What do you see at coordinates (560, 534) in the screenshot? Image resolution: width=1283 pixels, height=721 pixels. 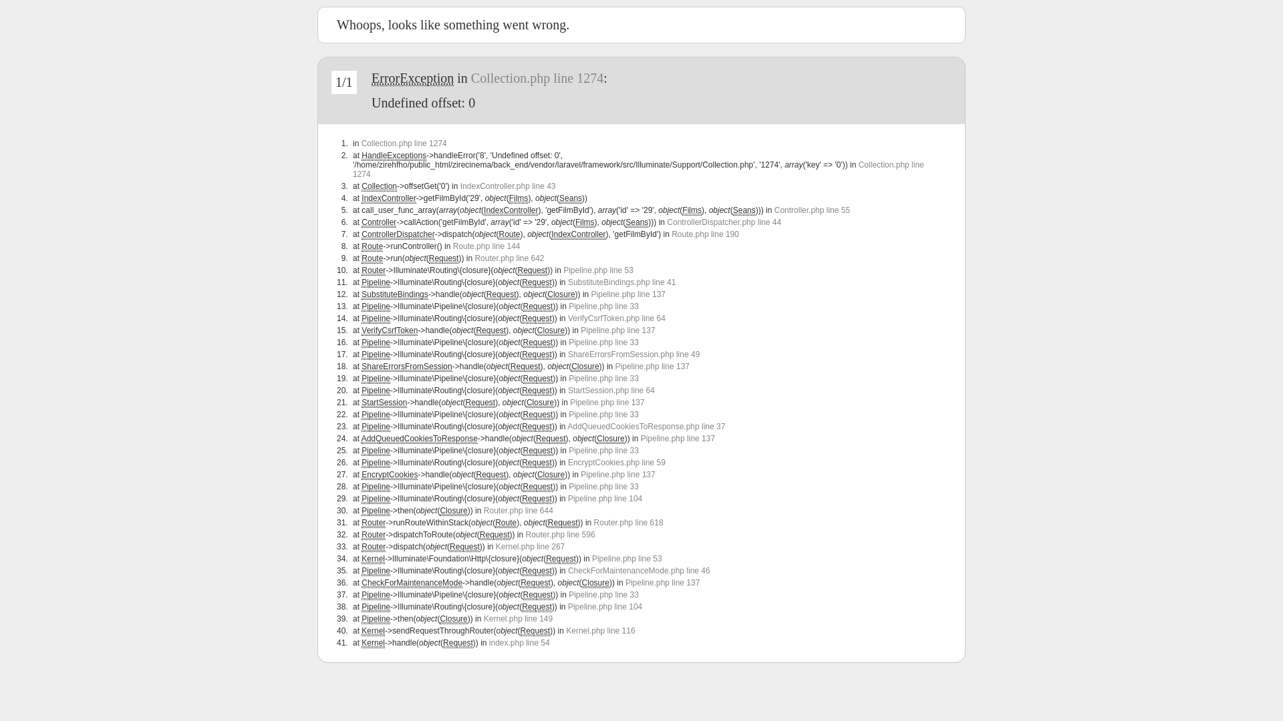 I see `'Router.php line 596'` at bounding box center [560, 534].